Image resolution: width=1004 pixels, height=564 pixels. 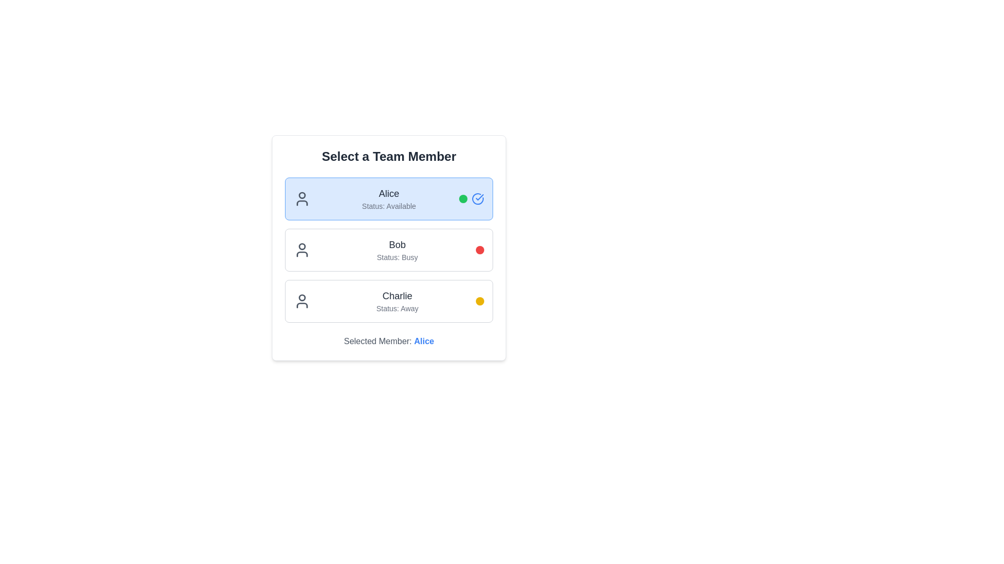 What do you see at coordinates (389, 301) in the screenshot?
I see `the list item displaying the name 'Charlie' with the status 'Status: Away'` at bounding box center [389, 301].